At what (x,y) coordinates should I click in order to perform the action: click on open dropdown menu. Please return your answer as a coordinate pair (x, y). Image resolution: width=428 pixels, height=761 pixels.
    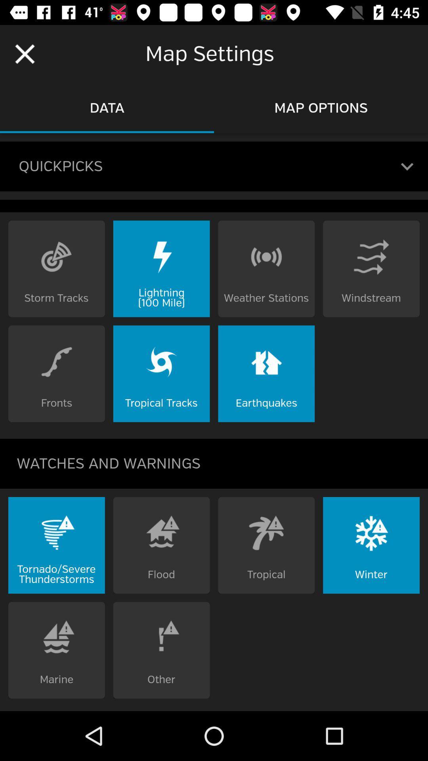
    Looking at the image, I should click on (407, 166).